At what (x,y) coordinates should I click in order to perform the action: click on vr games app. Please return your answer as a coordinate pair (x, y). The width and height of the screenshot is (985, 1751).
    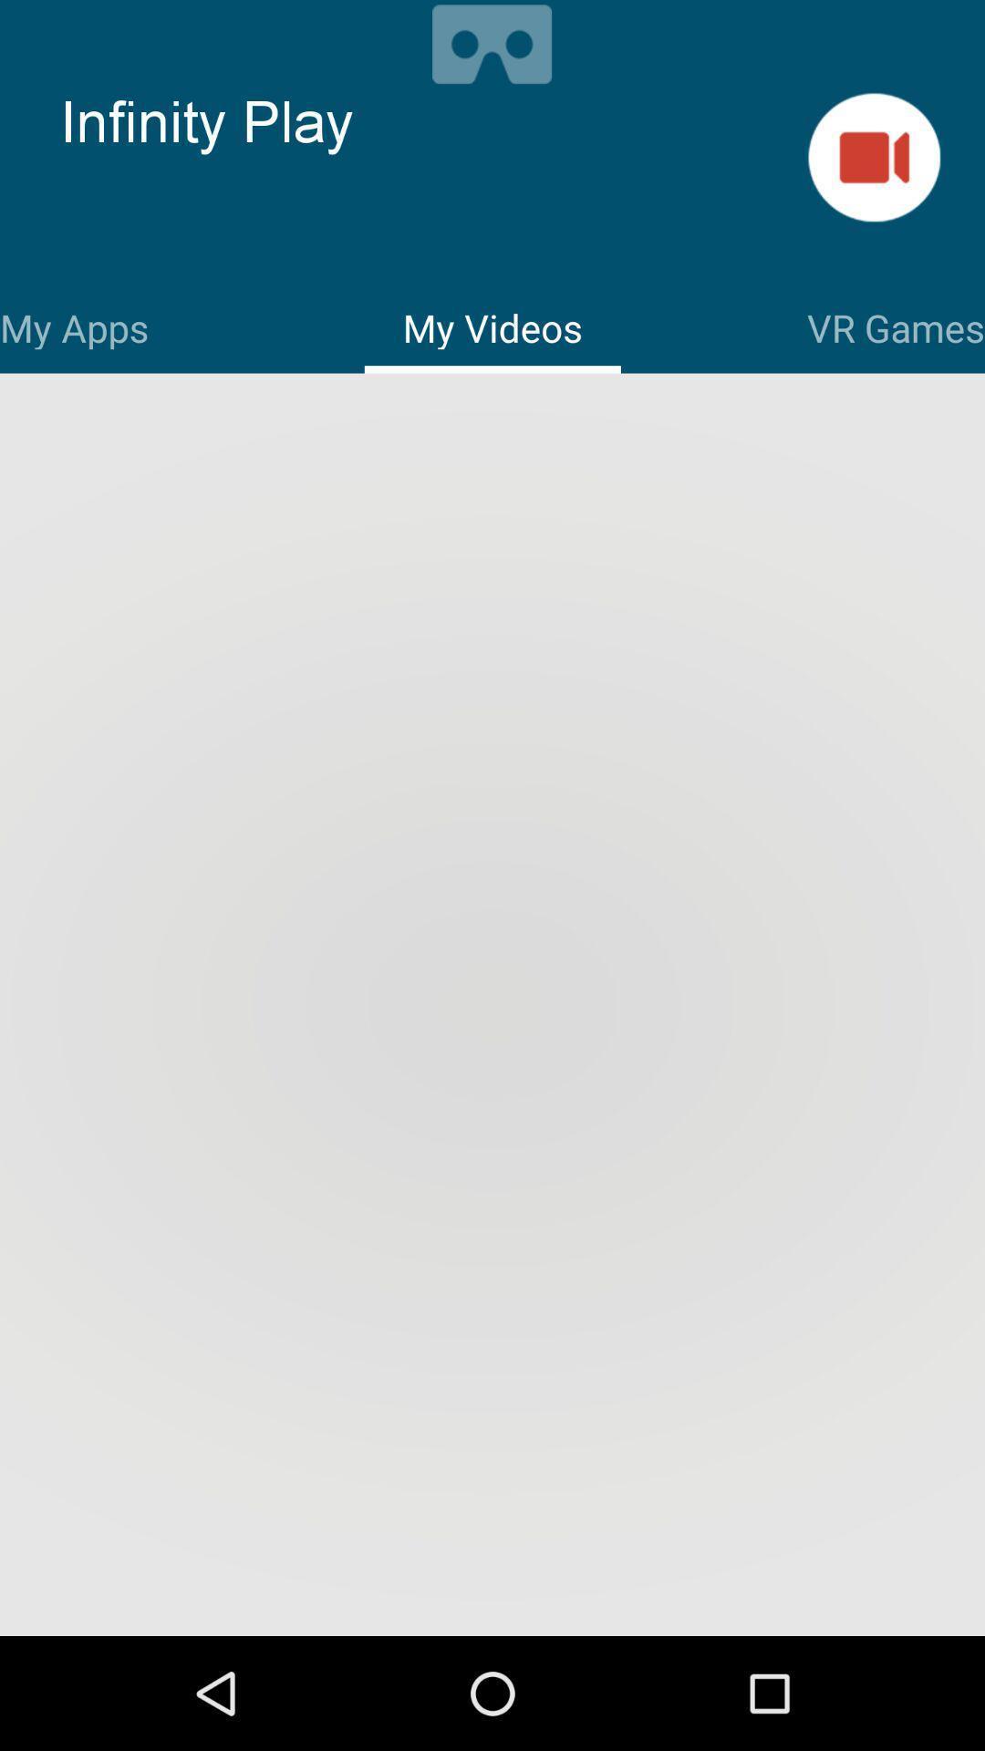
    Looking at the image, I should click on (895, 325).